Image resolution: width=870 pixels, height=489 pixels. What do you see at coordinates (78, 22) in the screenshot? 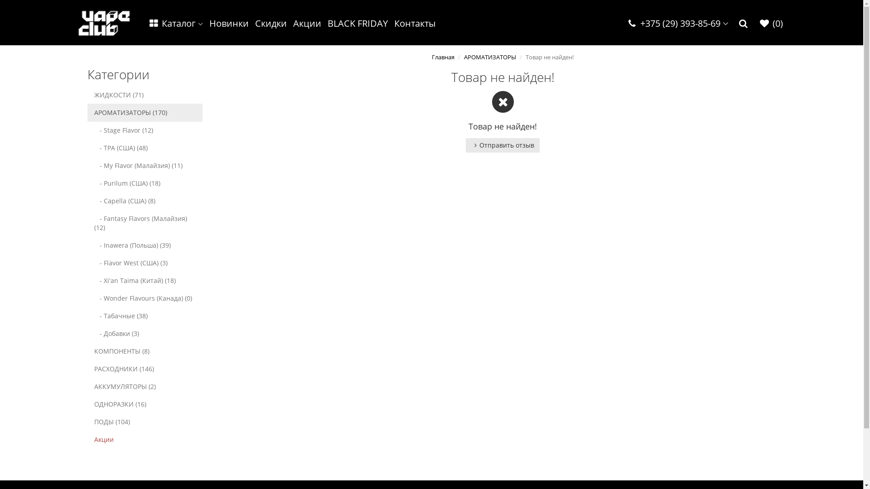
I see `'Vape Club'` at bounding box center [78, 22].